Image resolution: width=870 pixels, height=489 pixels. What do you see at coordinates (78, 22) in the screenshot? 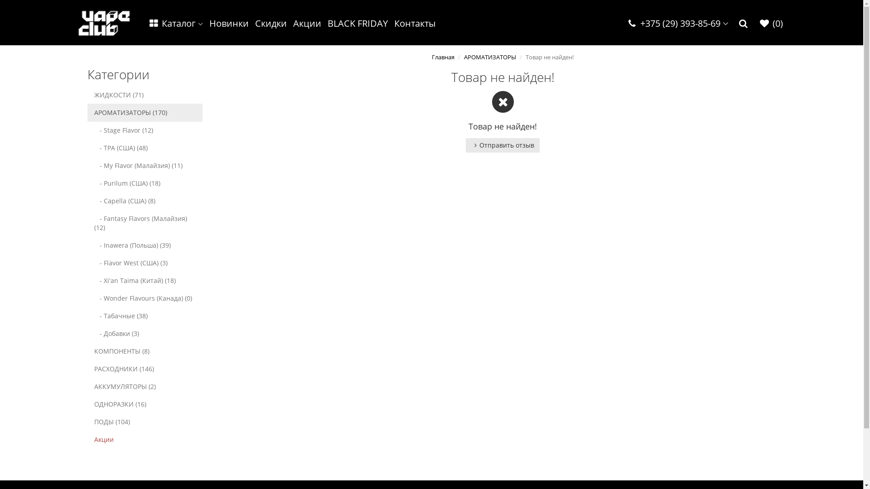
I see `'Vape Club'` at bounding box center [78, 22].